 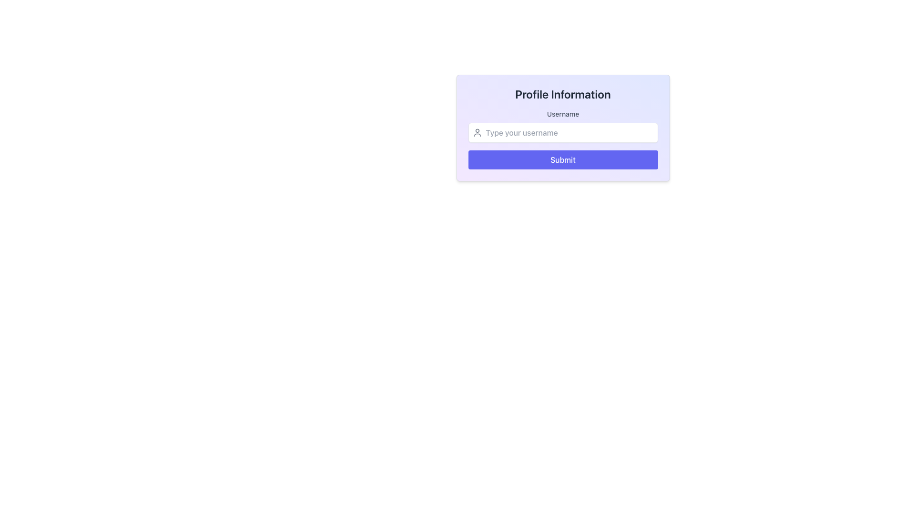 I want to click on the user icon located on the left side of the username input field within the form, adjacent to the placeholder 'Type your username', so click(x=477, y=132).